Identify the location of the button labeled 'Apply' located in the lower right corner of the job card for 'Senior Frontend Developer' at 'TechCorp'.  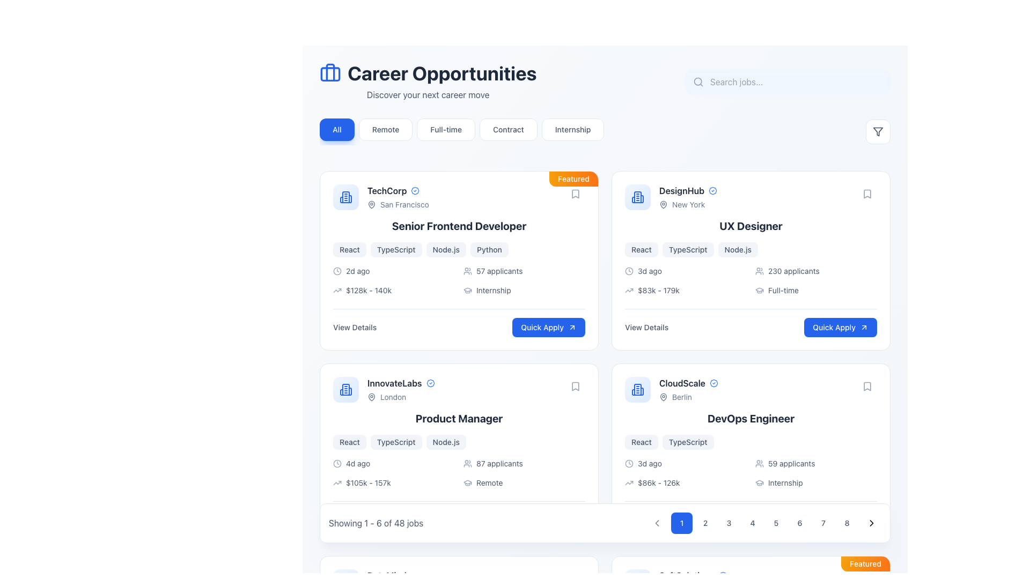
(549, 326).